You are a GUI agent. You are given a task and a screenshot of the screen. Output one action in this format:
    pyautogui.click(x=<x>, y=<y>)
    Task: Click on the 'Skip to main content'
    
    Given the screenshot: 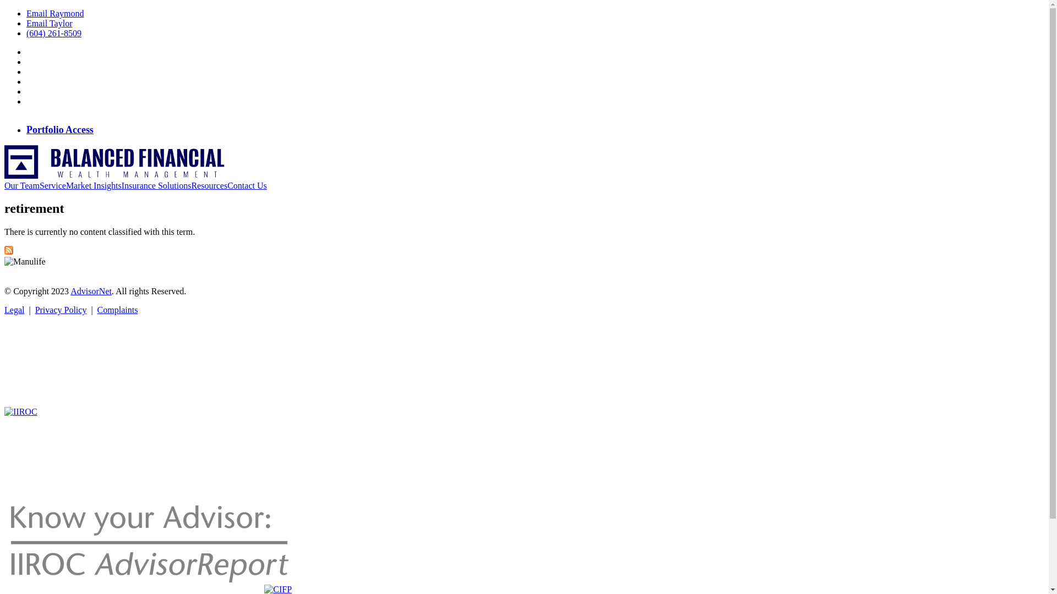 What is the action you would take?
    pyautogui.click(x=41, y=9)
    